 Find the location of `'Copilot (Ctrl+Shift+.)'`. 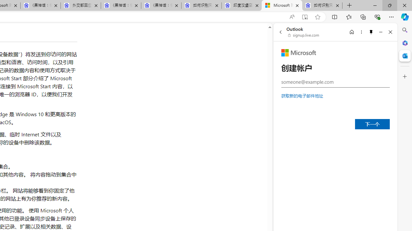

'Copilot (Ctrl+Shift+.)' is located at coordinates (405, 16).